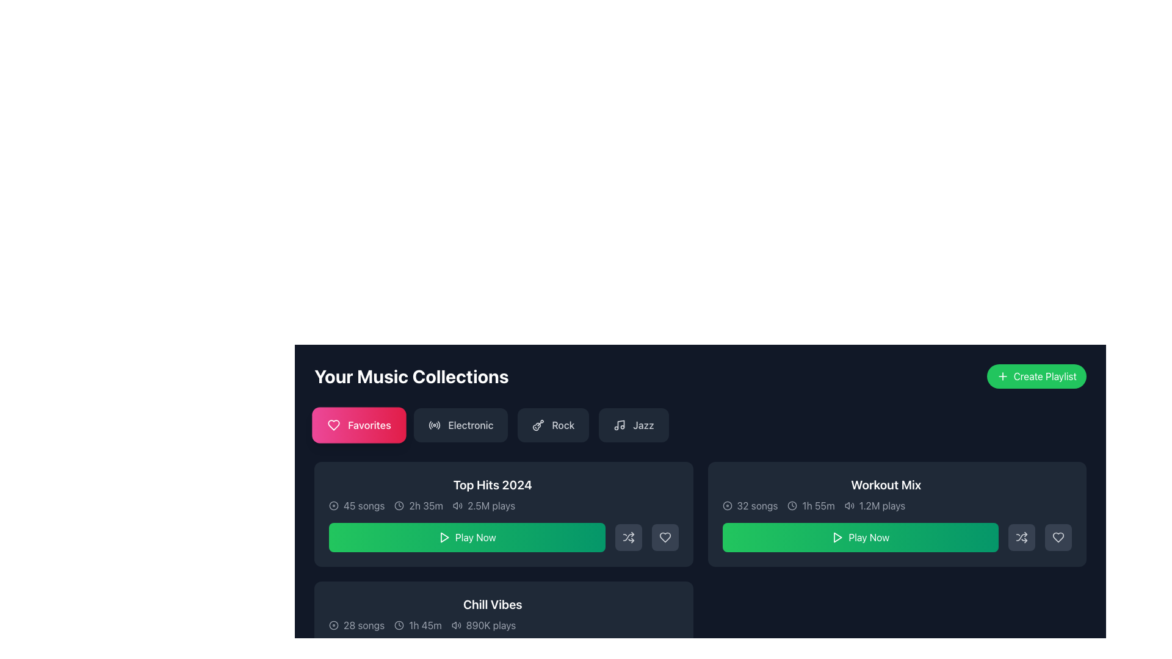 The height and width of the screenshot is (659, 1172). I want to click on the 'Electronic' text label located within the button in the second selectable tab of category options to observe the hover effects, so click(470, 425).